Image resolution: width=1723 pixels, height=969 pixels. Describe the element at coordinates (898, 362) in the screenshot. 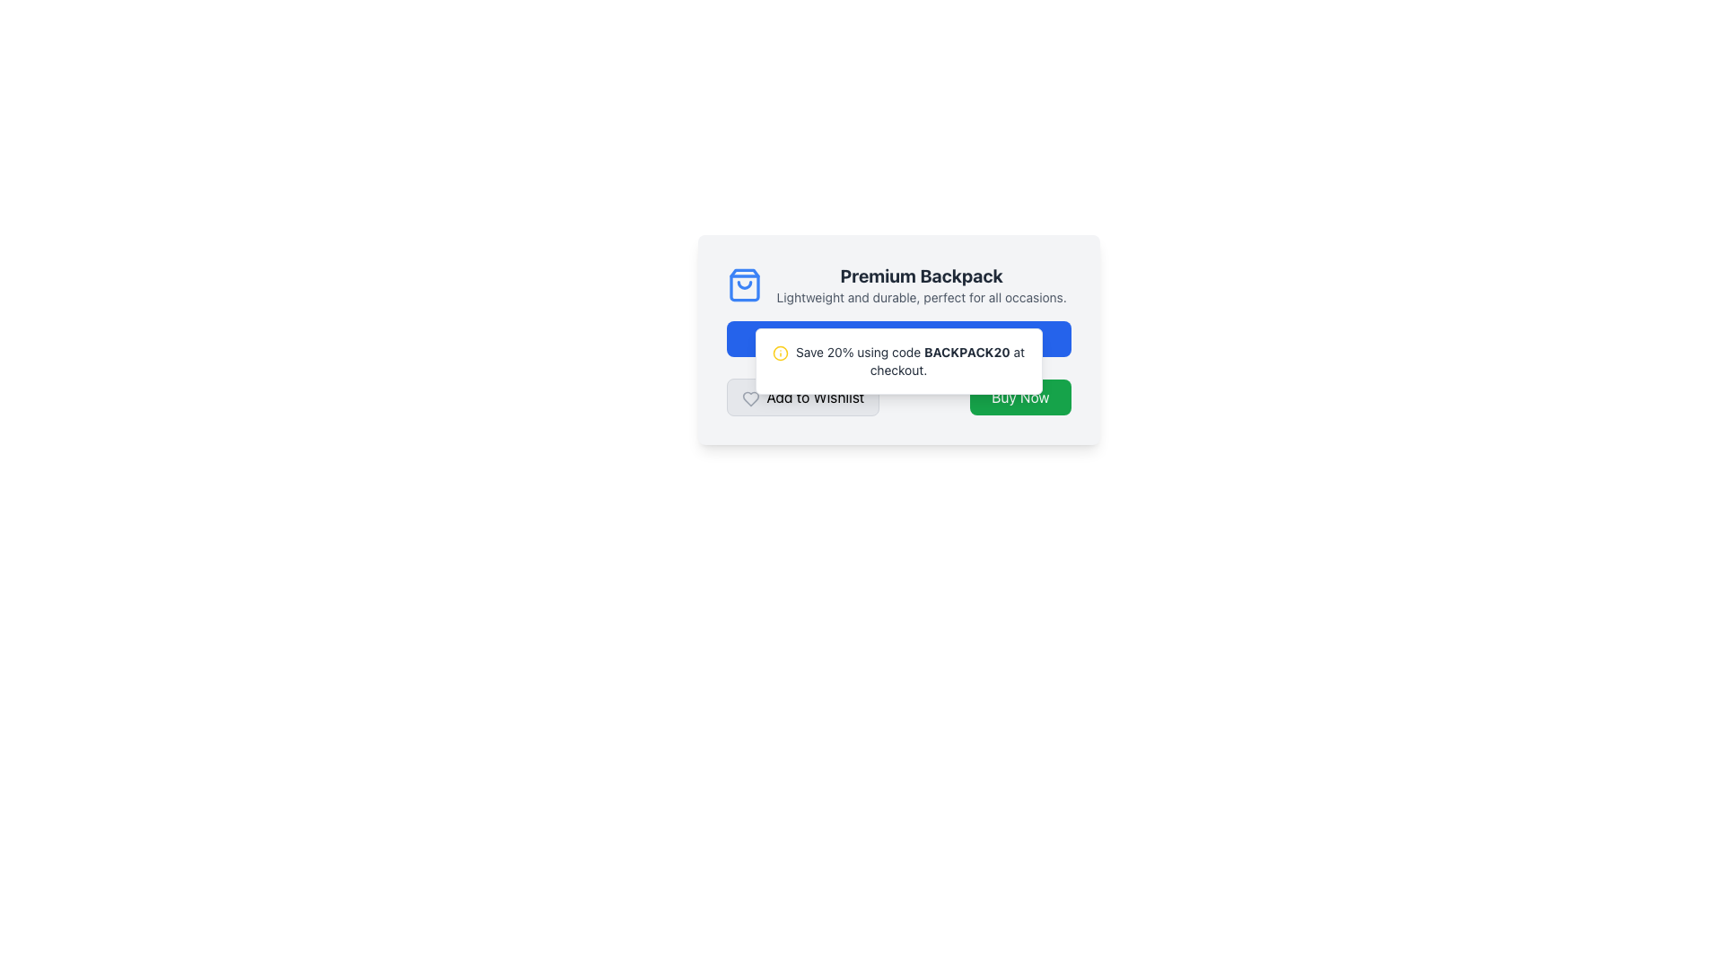

I see `the Informational Banner displaying the promotional message 'Save 20% using code BACKPACK20 at checkout.'` at that location.